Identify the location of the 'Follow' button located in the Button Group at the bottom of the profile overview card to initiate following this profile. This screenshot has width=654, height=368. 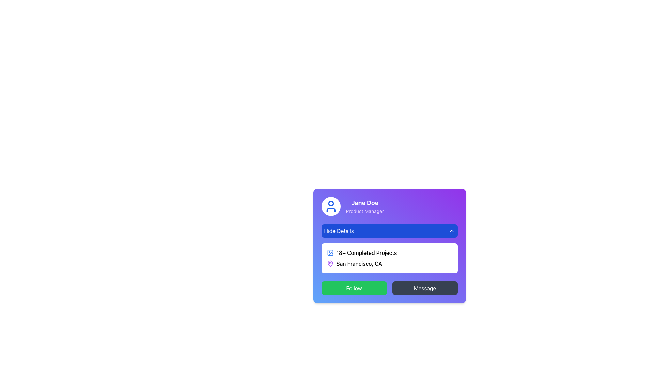
(389, 288).